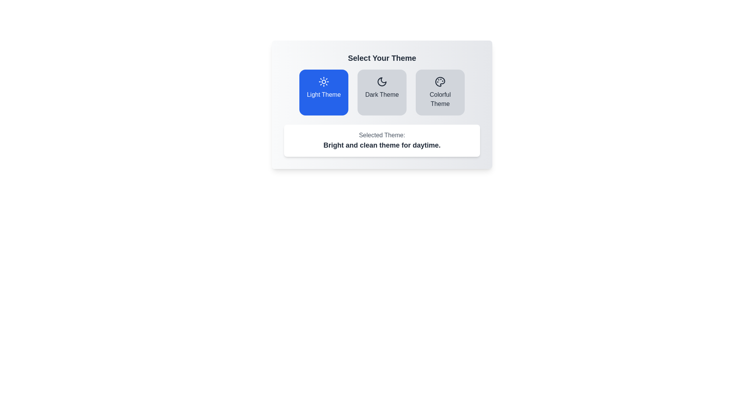  I want to click on the theme button labeled Light Theme, so click(323, 92).